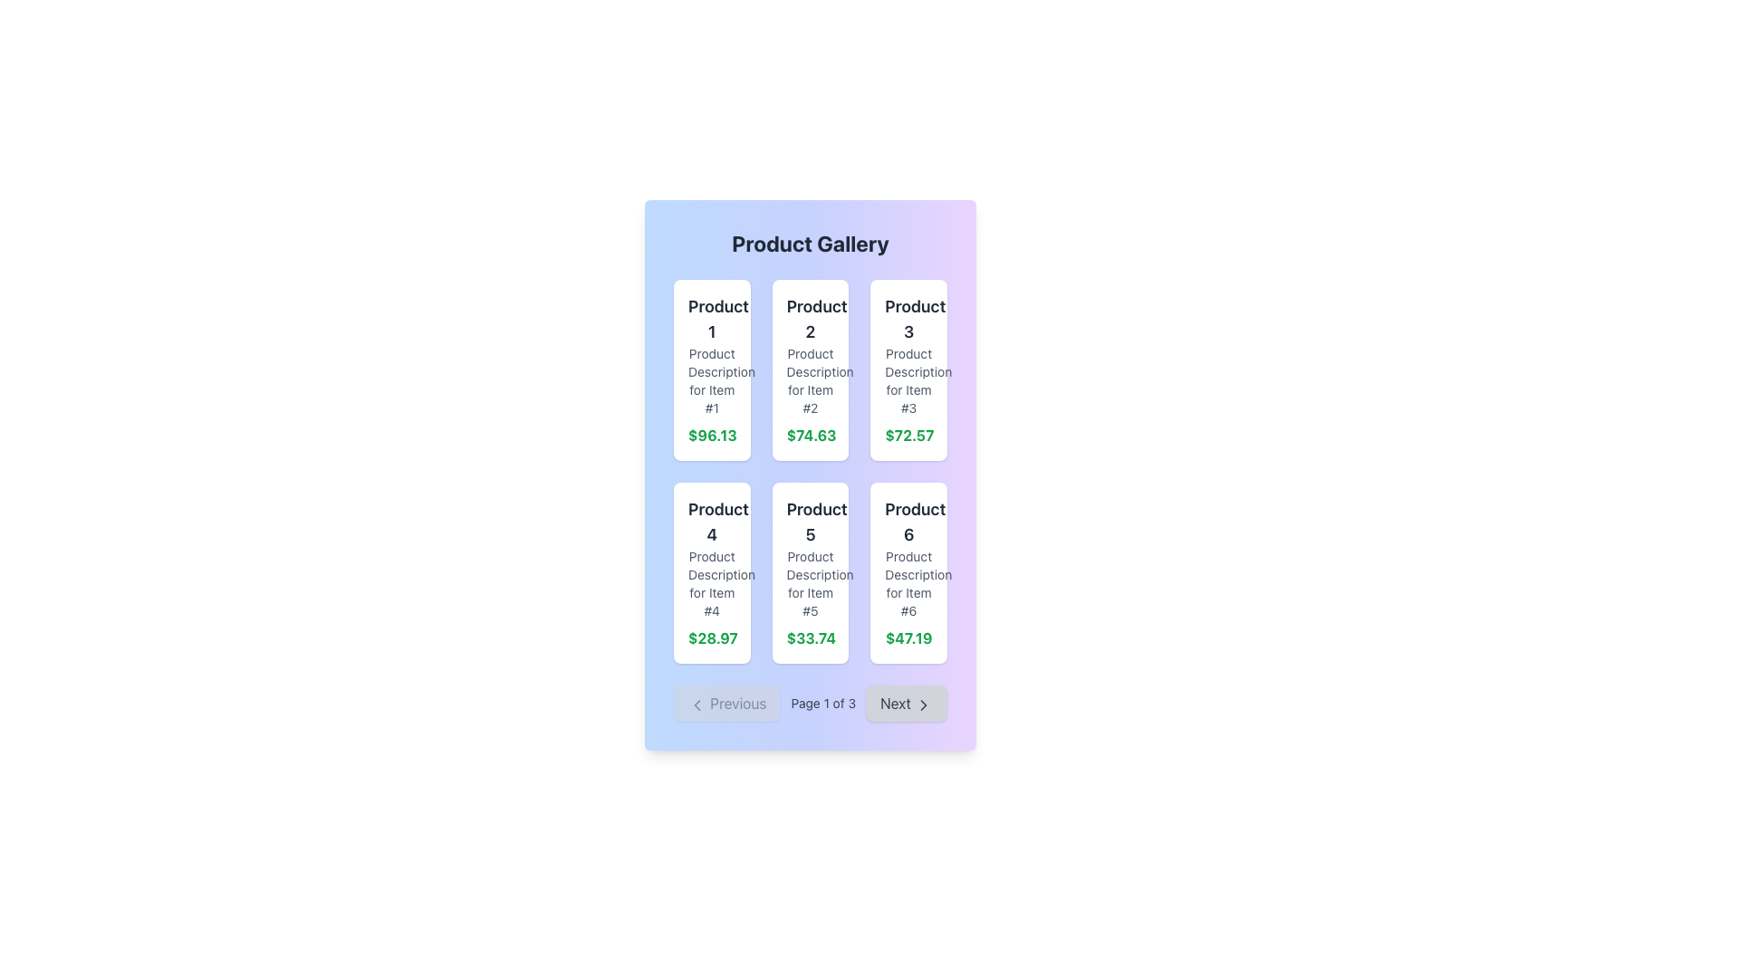 This screenshot has height=978, width=1739. I want to click on the Information Card that displays product details, including name, description, and price, located at the top-left corner of the grid layout, so click(711, 369).